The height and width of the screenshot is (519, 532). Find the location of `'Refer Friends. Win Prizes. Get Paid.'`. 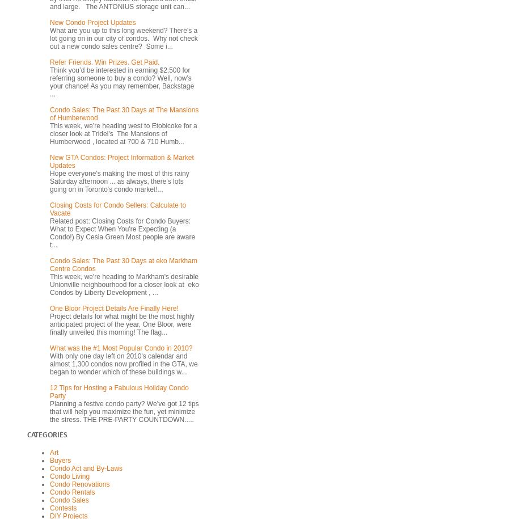

'Refer Friends. Win Prizes. Get Paid.' is located at coordinates (104, 61).